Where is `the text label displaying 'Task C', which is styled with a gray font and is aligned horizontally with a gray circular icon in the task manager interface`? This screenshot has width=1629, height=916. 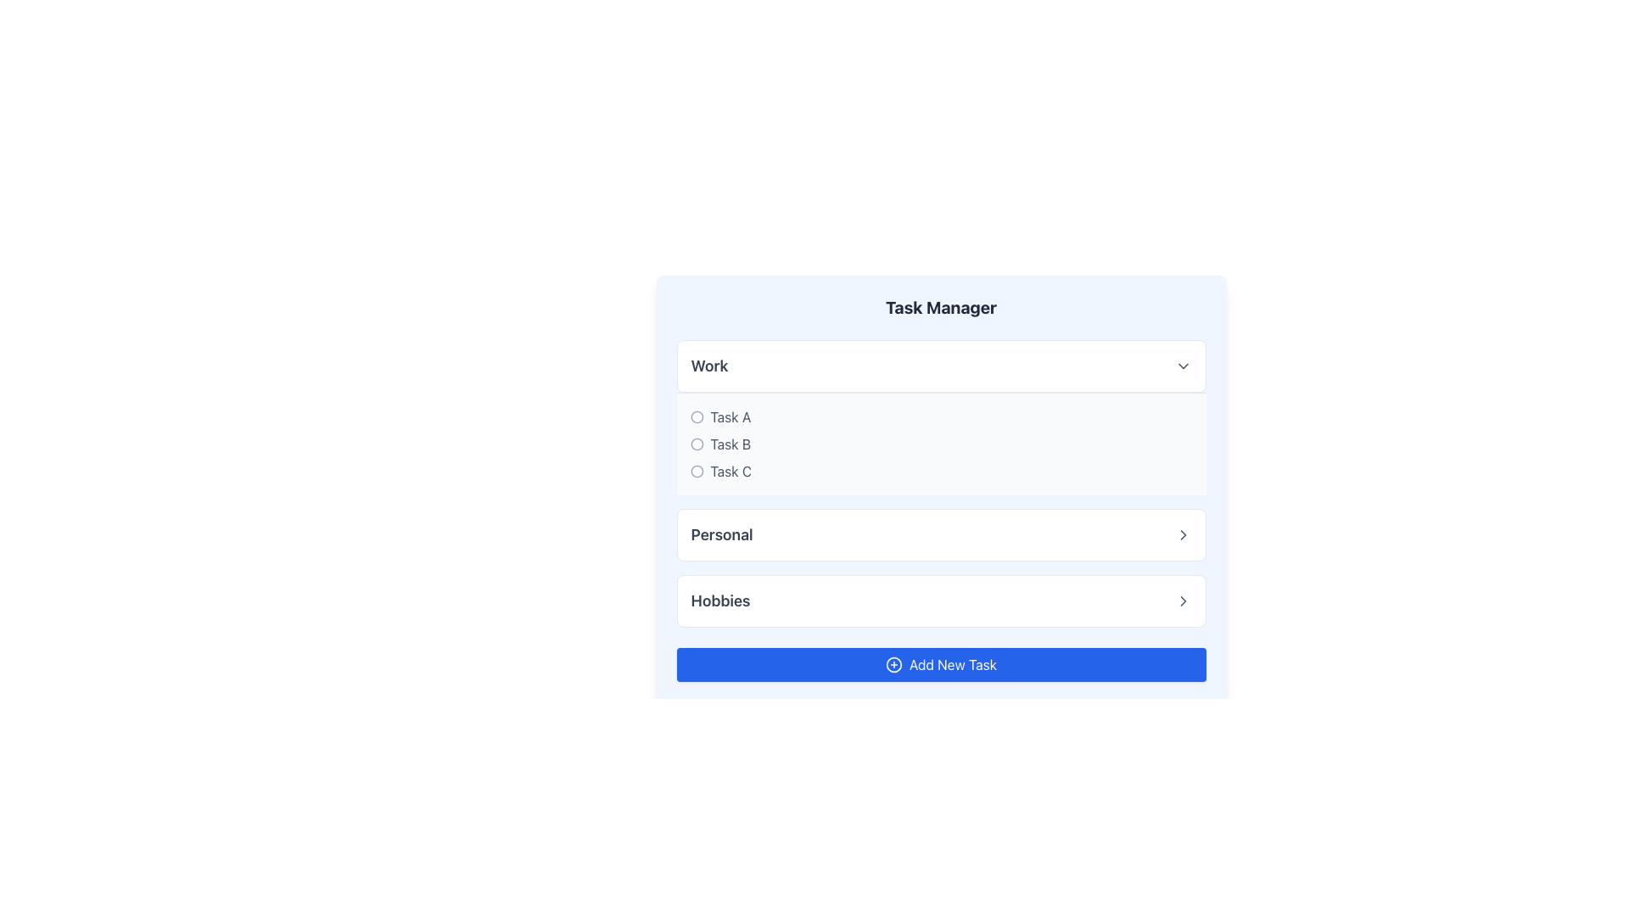 the text label displaying 'Task C', which is styled with a gray font and is aligned horizontally with a gray circular icon in the task manager interface is located at coordinates (731, 471).